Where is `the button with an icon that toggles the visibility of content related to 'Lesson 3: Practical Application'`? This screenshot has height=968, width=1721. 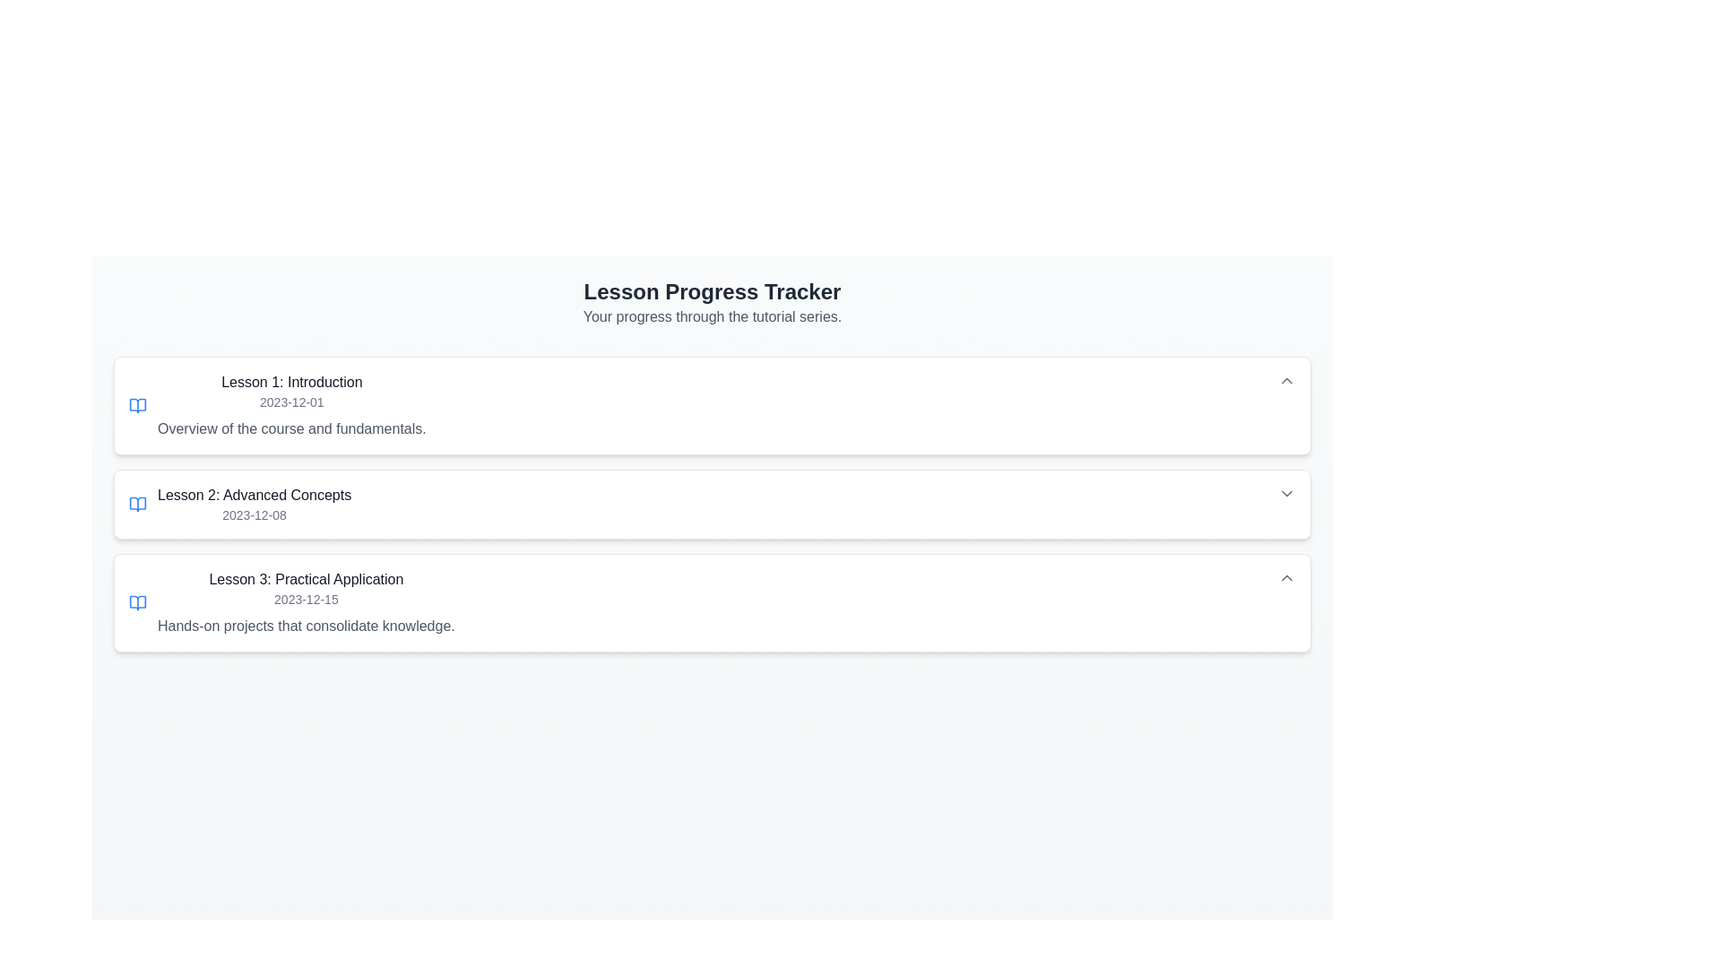
the button with an icon that toggles the visibility of content related to 'Lesson 3: Practical Application' is located at coordinates (1285, 577).